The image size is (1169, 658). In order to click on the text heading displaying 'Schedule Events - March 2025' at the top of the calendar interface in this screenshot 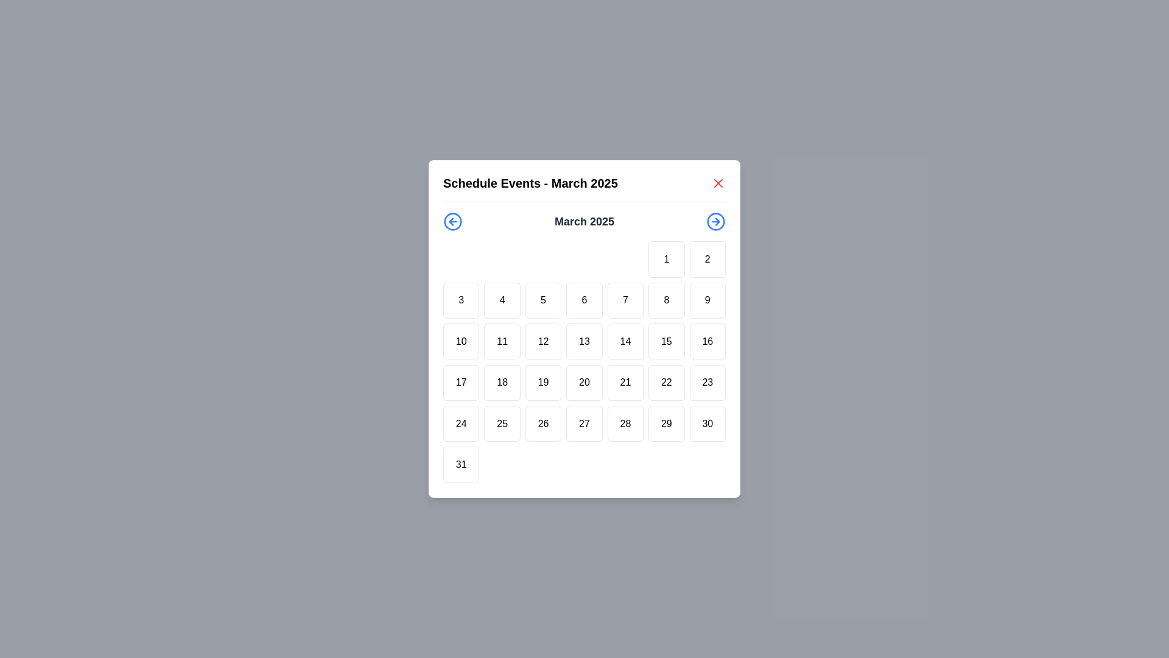, I will do `click(530, 183)`.